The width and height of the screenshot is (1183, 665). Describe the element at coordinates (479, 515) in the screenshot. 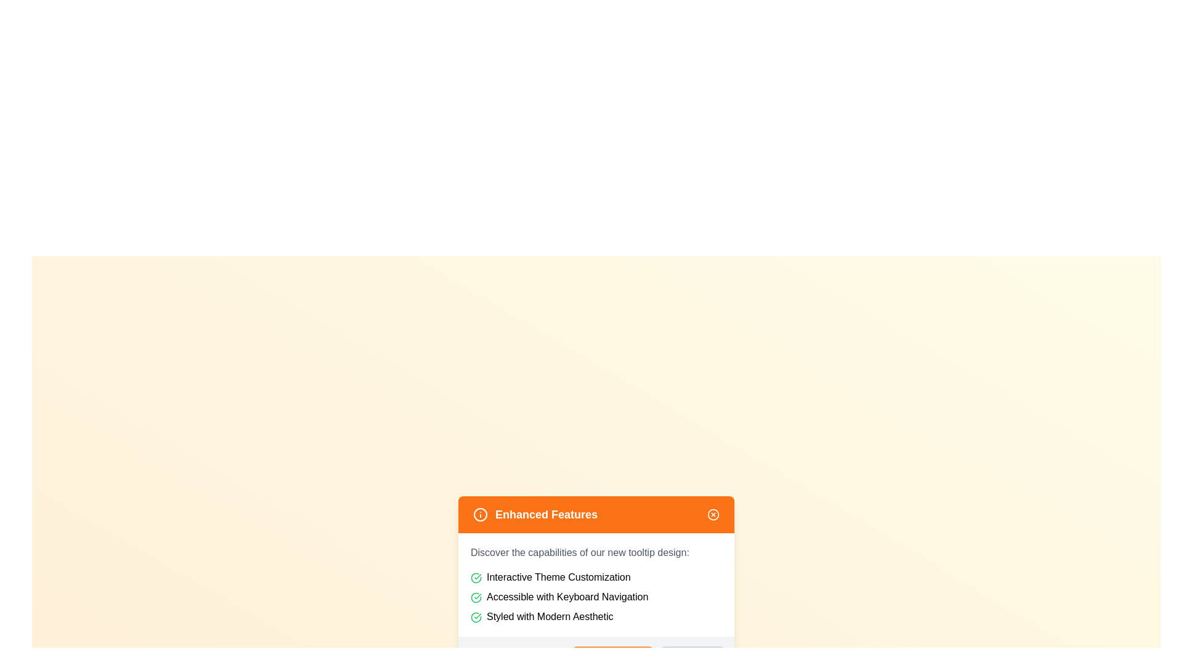

I see `the informational icon located` at that location.